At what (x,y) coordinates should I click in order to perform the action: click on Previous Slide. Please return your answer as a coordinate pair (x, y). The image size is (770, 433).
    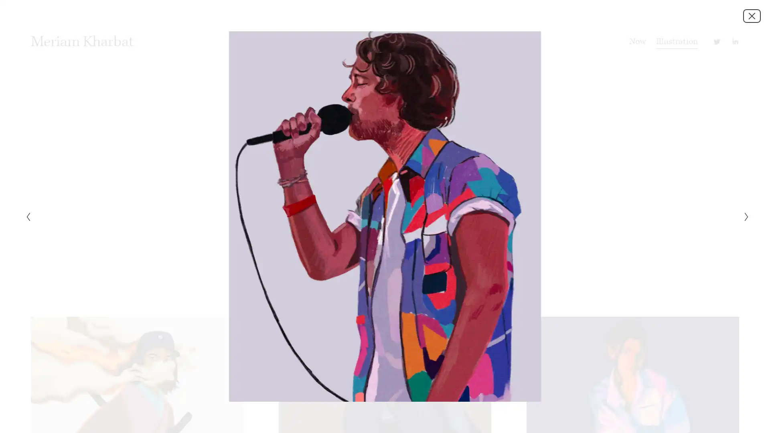
    Looking at the image, I should click on (25, 216).